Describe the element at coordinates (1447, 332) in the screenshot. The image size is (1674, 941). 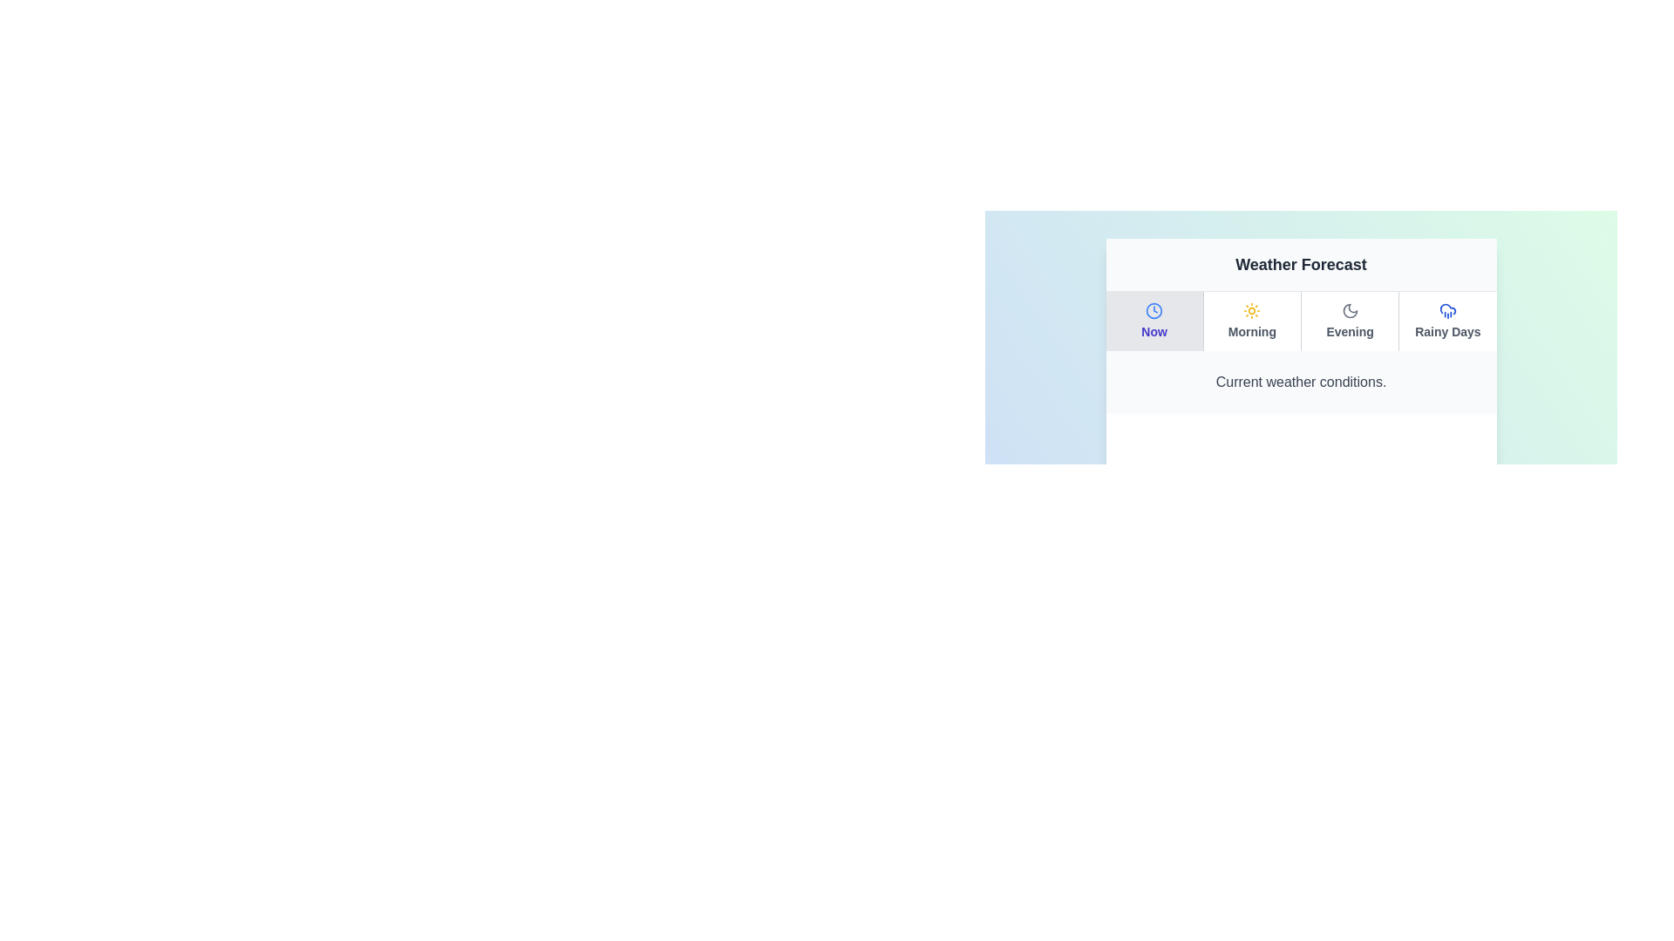
I see `the 'Rainy Days' text label in the weather options menu` at that location.